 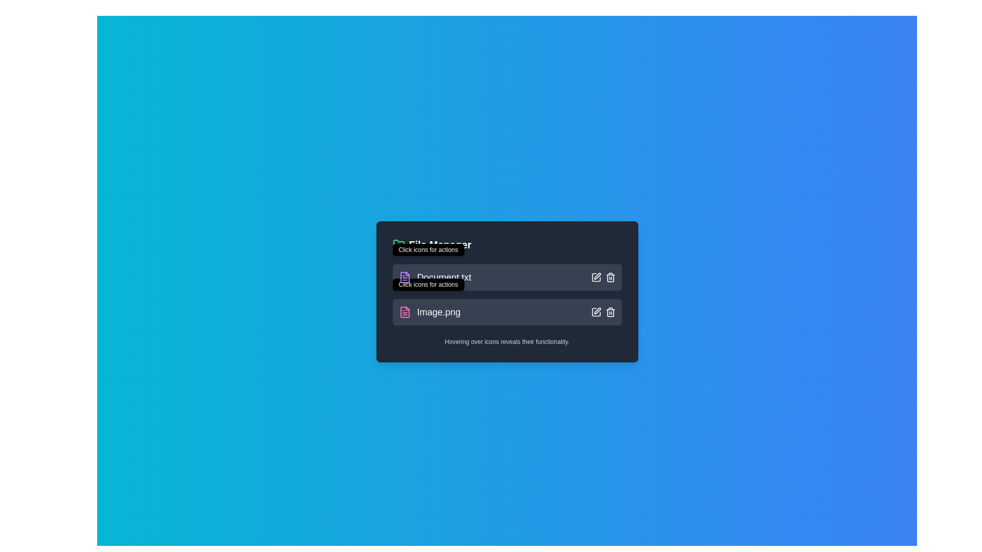 What do you see at coordinates (603, 311) in the screenshot?
I see `the pencil icon in the icon group located at the right end of the row labeled 'Image.png' to initiate the edit function` at bounding box center [603, 311].